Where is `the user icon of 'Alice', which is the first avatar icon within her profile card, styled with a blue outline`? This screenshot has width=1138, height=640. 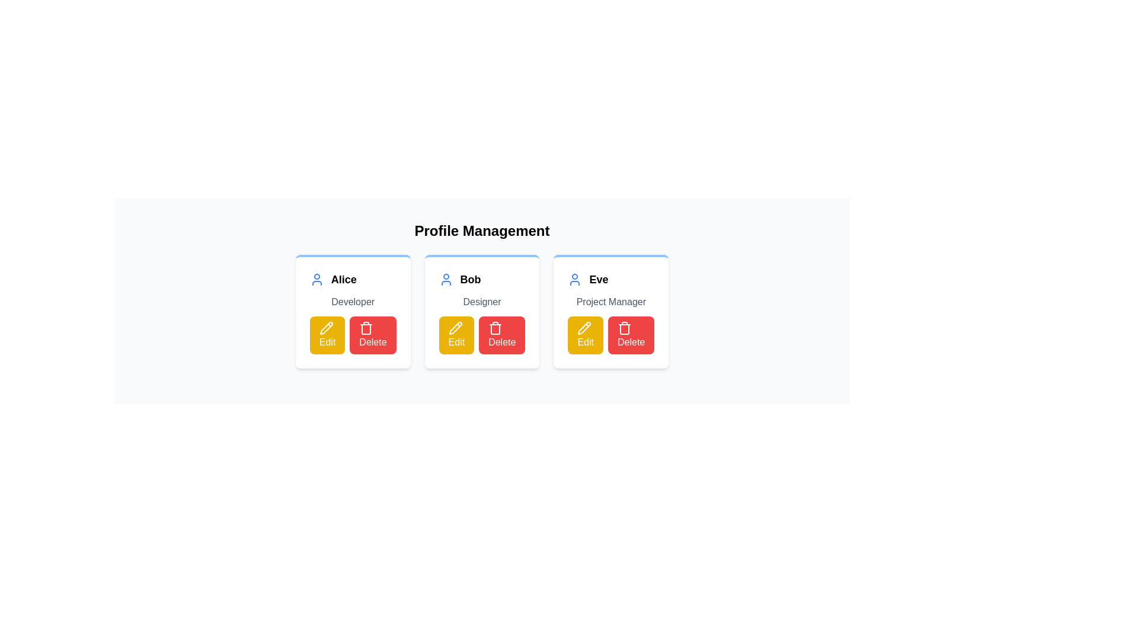 the user icon of 'Alice', which is the first avatar icon within her profile card, styled with a blue outline is located at coordinates (317, 279).